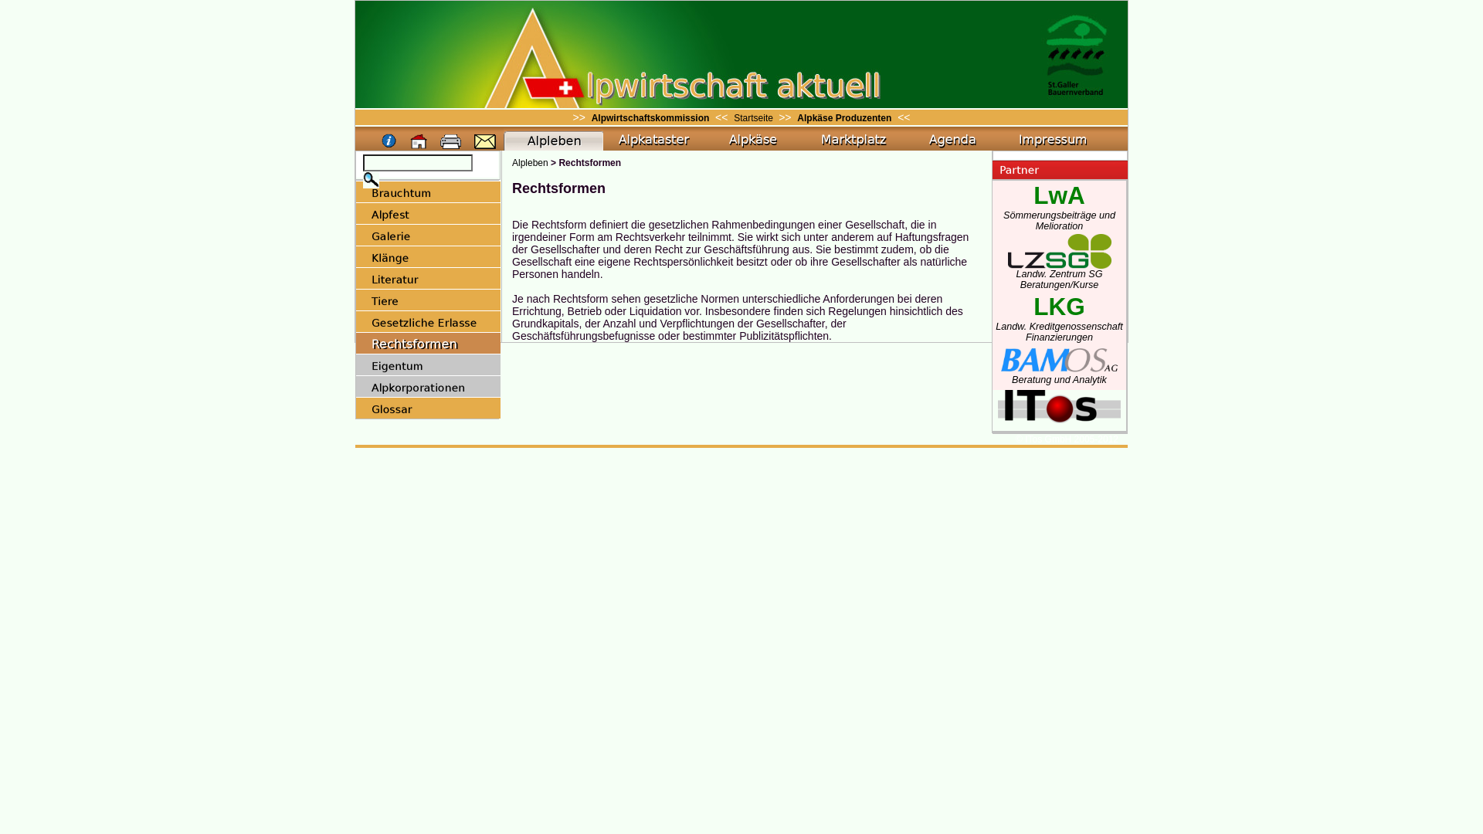  I want to click on 'Alpleben', so click(511, 163).